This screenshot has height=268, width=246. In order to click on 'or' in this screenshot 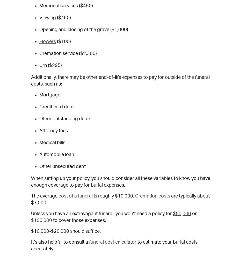, I will do `click(193, 214)`.